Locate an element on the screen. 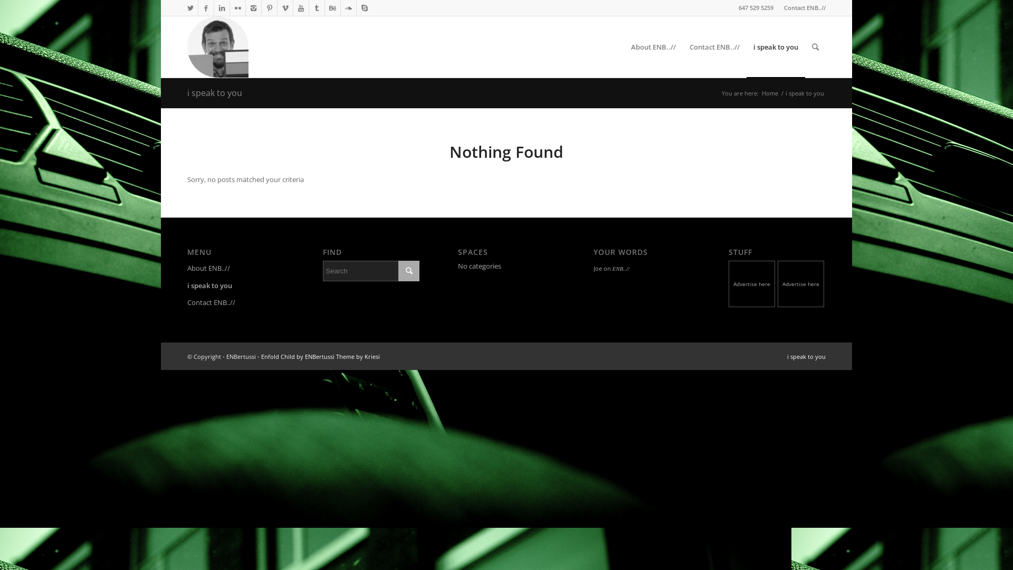  'Pinterest' is located at coordinates (261, 8).